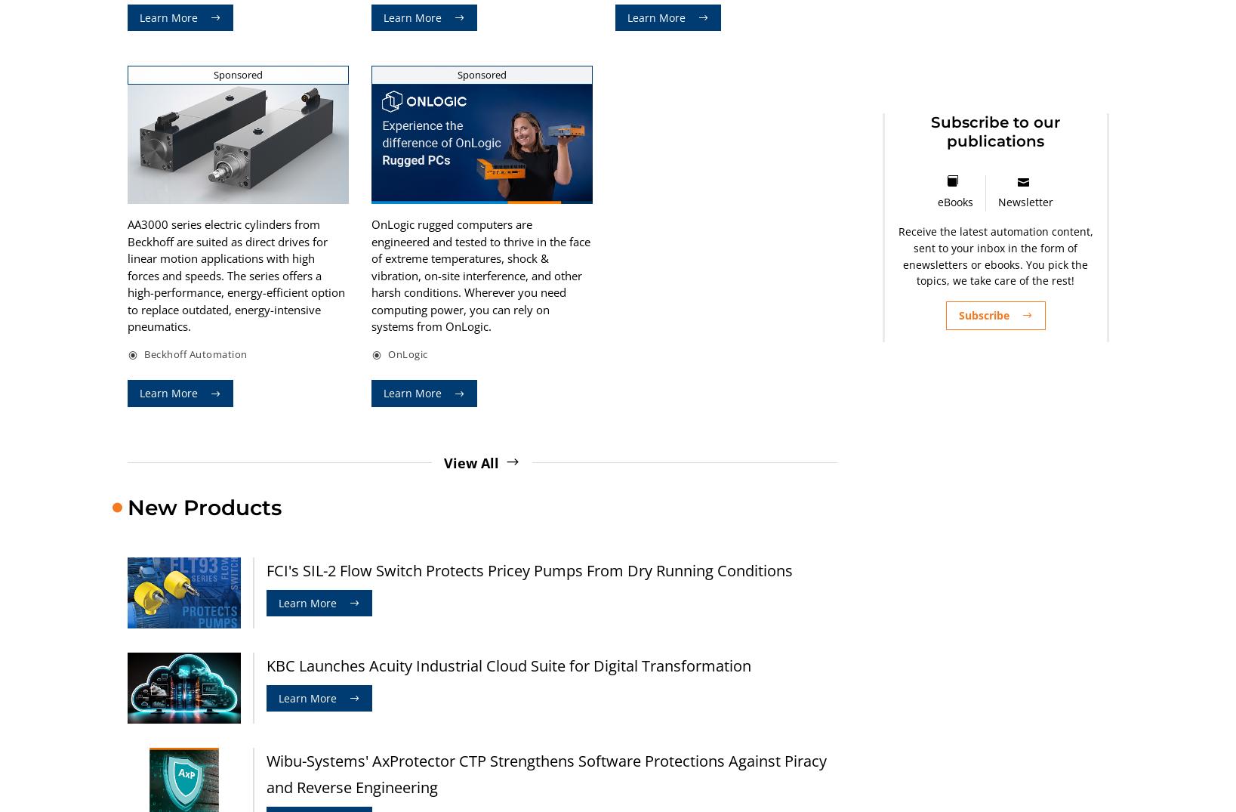 The height and width of the screenshot is (812, 1236). I want to click on 'Subscribe', so click(982, 314).